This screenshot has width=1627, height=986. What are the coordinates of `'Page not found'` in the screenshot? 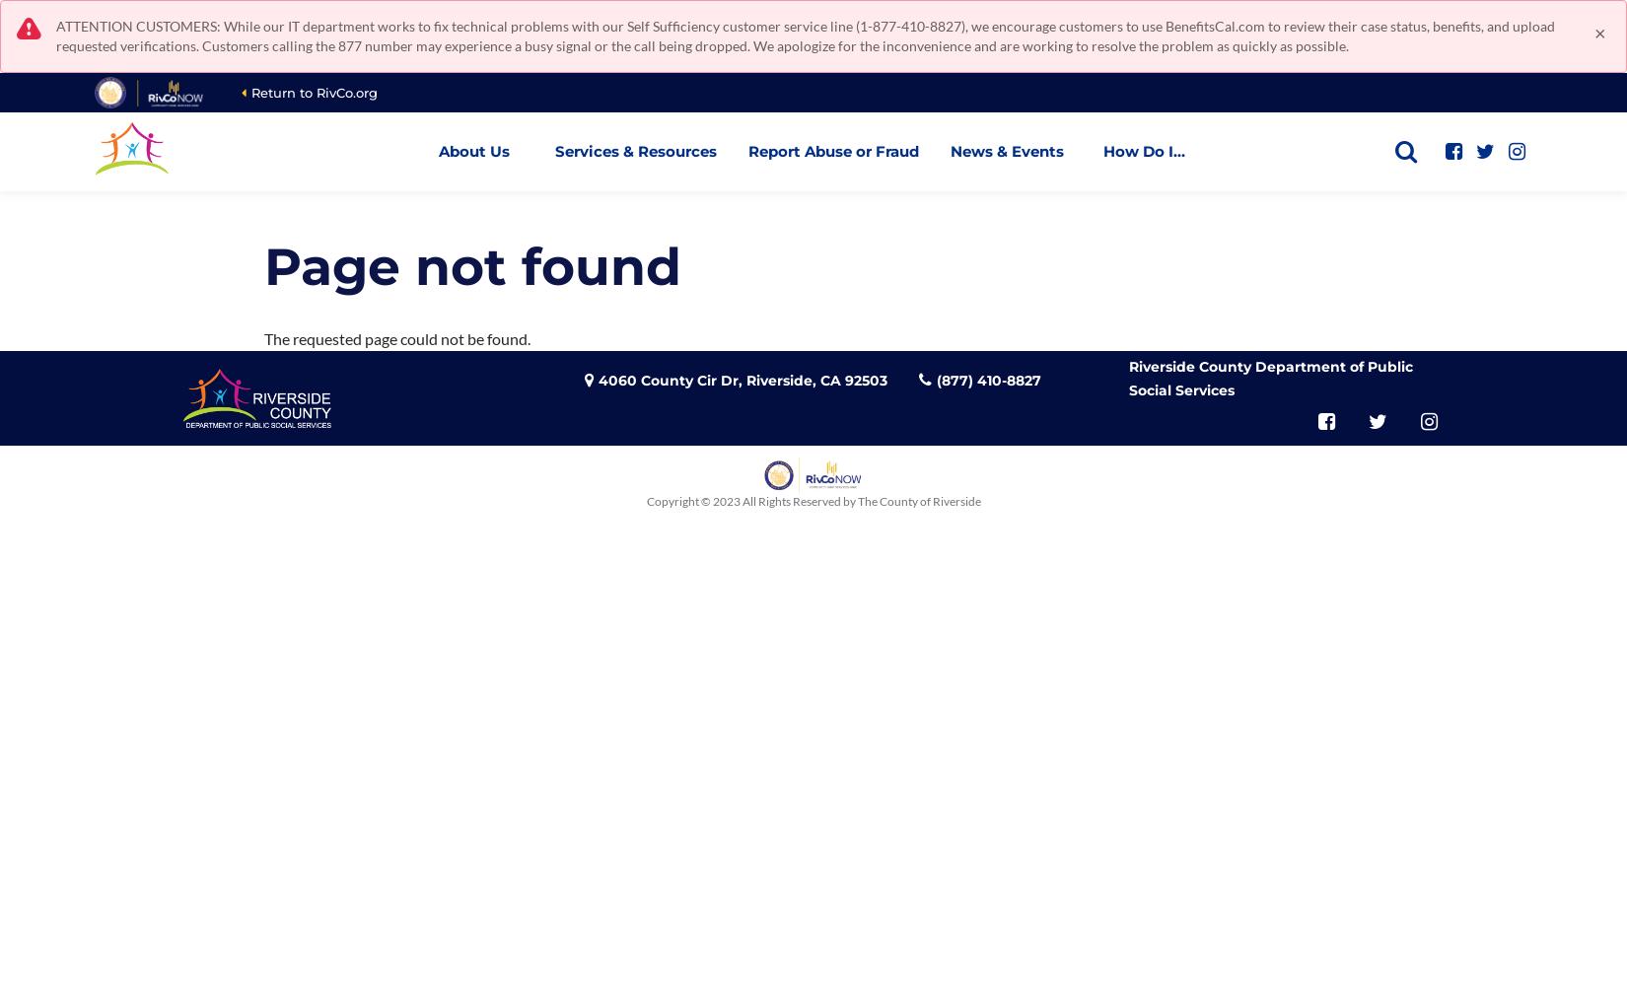 It's located at (262, 266).